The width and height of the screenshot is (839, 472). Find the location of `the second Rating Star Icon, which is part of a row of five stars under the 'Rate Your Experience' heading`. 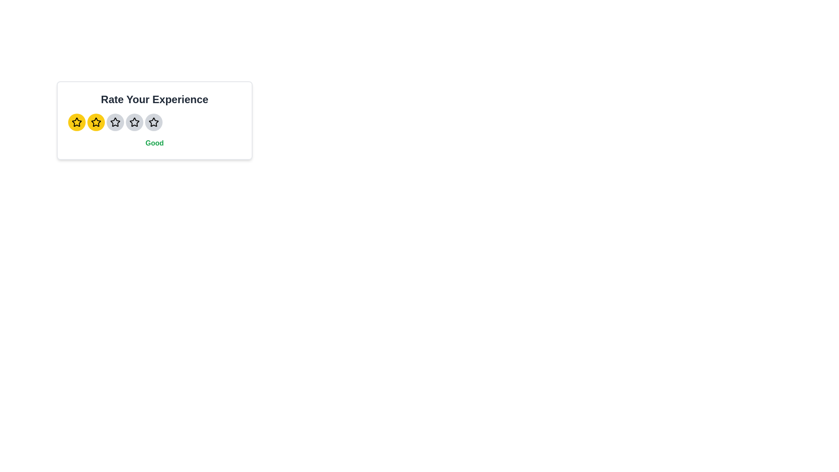

the second Rating Star Icon, which is part of a row of five stars under the 'Rate Your Experience' heading is located at coordinates (115, 122).